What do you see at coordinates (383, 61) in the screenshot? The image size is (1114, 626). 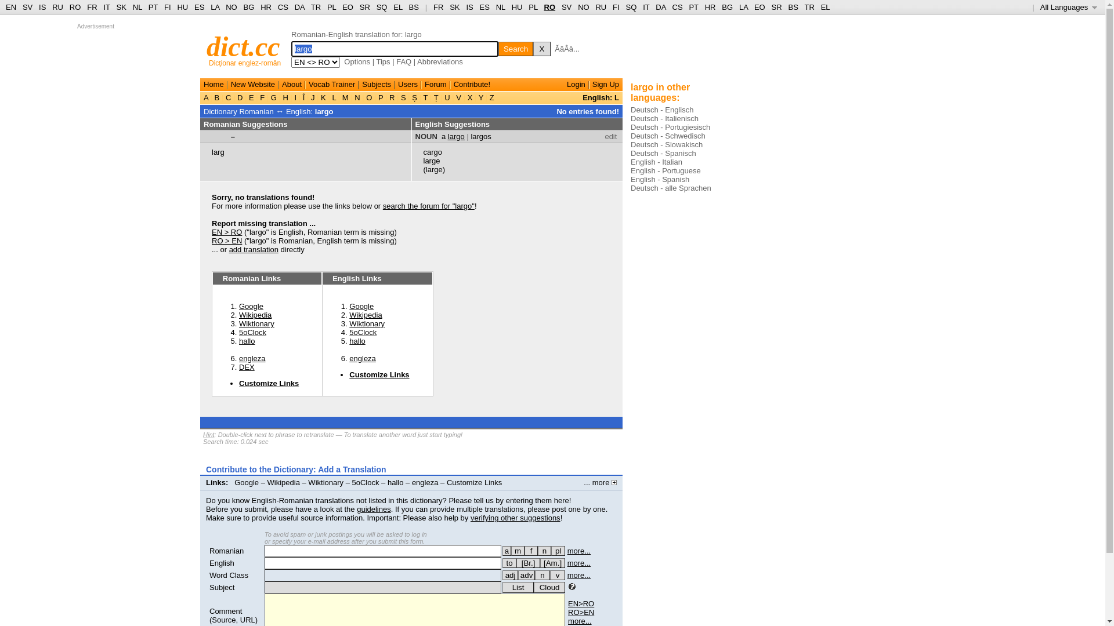 I see `'Tips'` at bounding box center [383, 61].